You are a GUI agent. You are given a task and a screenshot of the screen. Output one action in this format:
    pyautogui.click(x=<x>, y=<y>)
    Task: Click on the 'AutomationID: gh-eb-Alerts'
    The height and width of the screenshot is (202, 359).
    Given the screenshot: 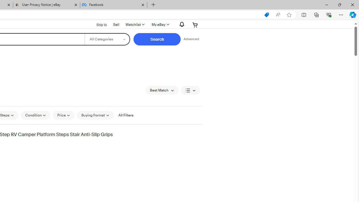 What is the action you would take?
    pyautogui.click(x=181, y=24)
    